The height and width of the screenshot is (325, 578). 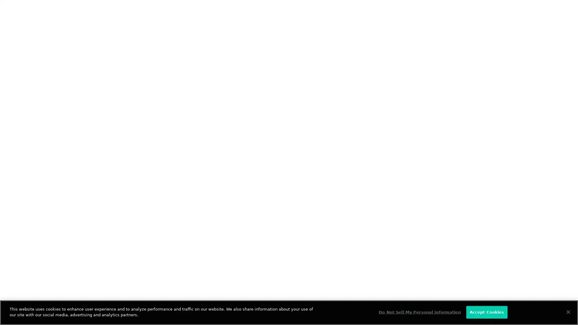 What do you see at coordinates (45, 101) in the screenshot?
I see `Latest` at bounding box center [45, 101].